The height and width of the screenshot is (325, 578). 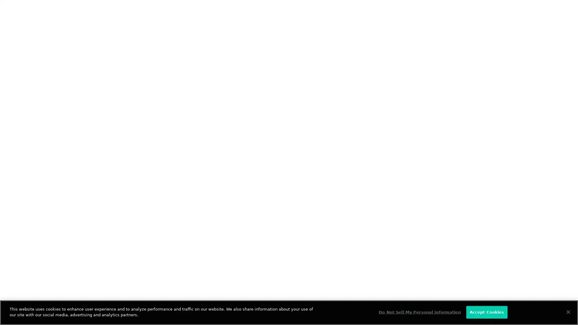 What do you see at coordinates (45, 101) in the screenshot?
I see `Latest` at bounding box center [45, 101].